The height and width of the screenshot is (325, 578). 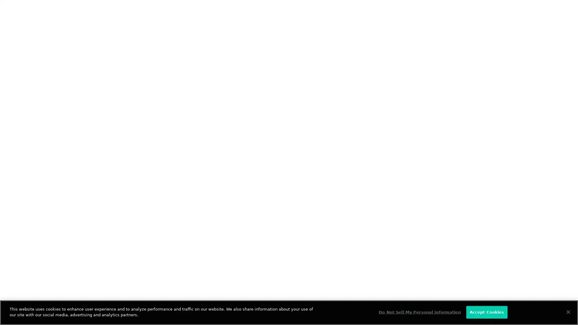 What do you see at coordinates (45, 101) in the screenshot?
I see `Latest` at bounding box center [45, 101].